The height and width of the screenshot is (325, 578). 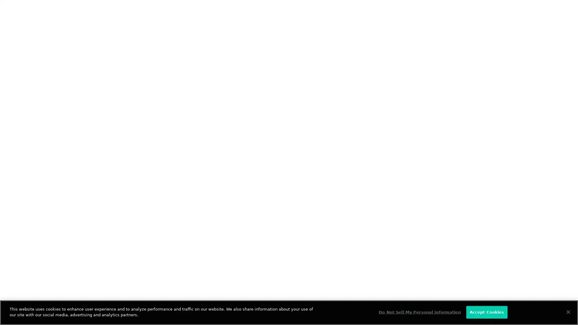 What do you see at coordinates (45, 101) in the screenshot?
I see `Latest` at bounding box center [45, 101].